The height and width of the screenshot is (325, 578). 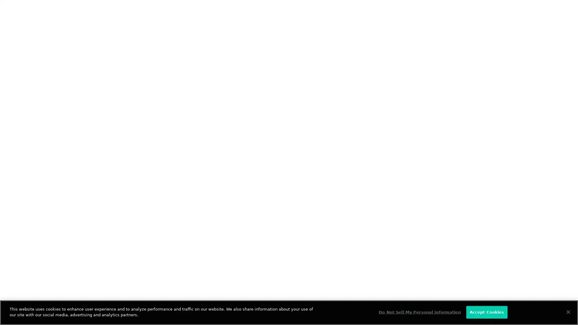 What do you see at coordinates (45, 101) in the screenshot?
I see `Latest` at bounding box center [45, 101].